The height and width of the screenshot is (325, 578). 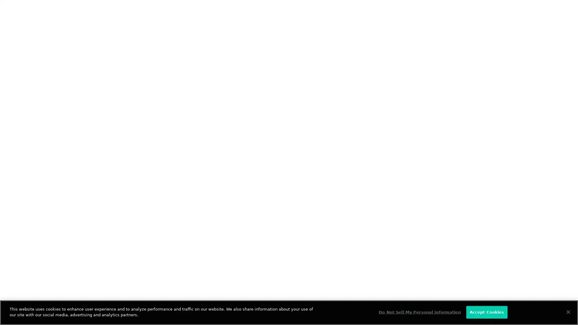 What do you see at coordinates (45, 101) in the screenshot?
I see `Latest` at bounding box center [45, 101].